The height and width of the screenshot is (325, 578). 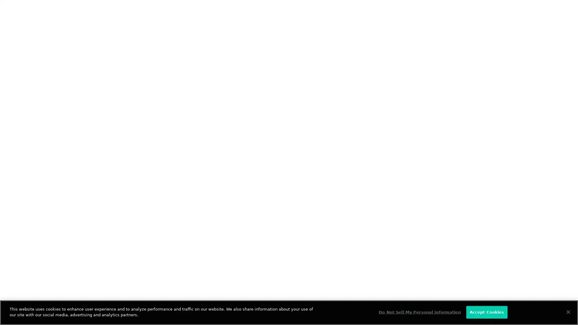 What do you see at coordinates (45, 101) in the screenshot?
I see `Latest` at bounding box center [45, 101].